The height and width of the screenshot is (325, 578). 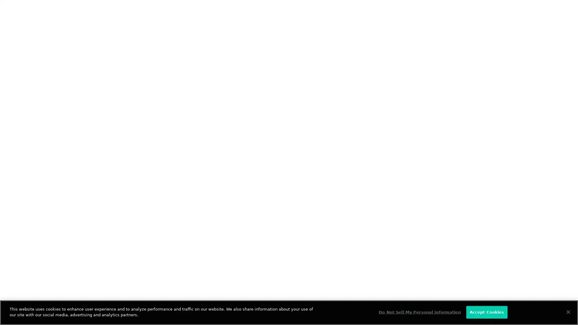 What do you see at coordinates (45, 101) in the screenshot?
I see `Latest` at bounding box center [45, 101].